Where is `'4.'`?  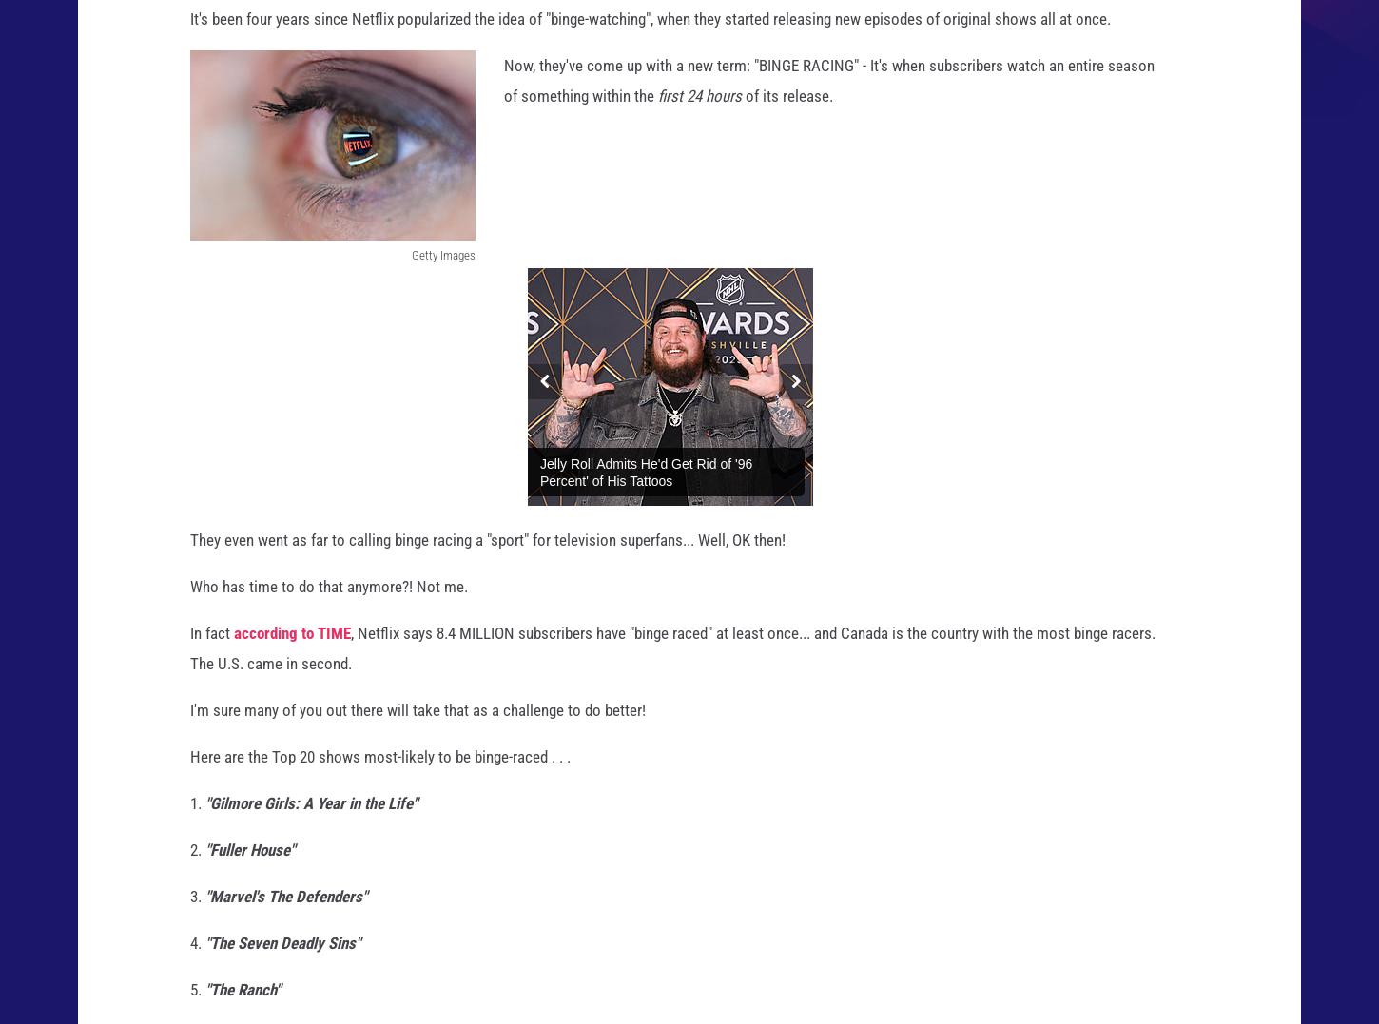
'4.' is located at coordinates (196, 959).